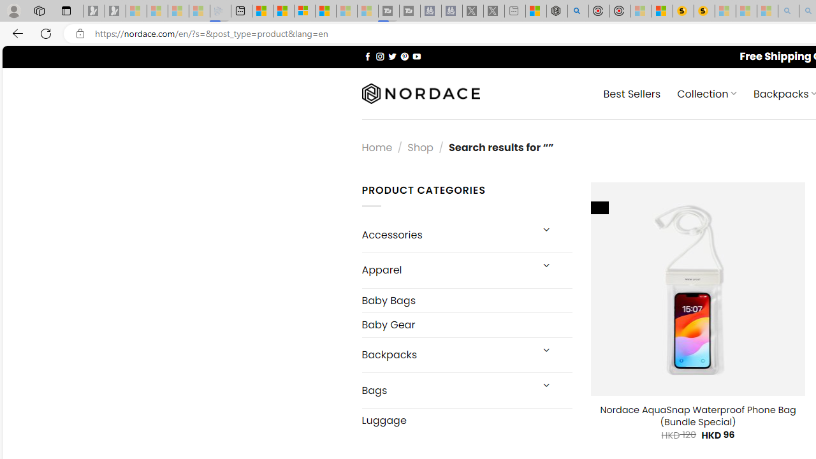 The width and height of the screenshot is (816, 459). Describe the element at coordinates (466, 420) in the screenshot. I see `'Luggage'` at that location.